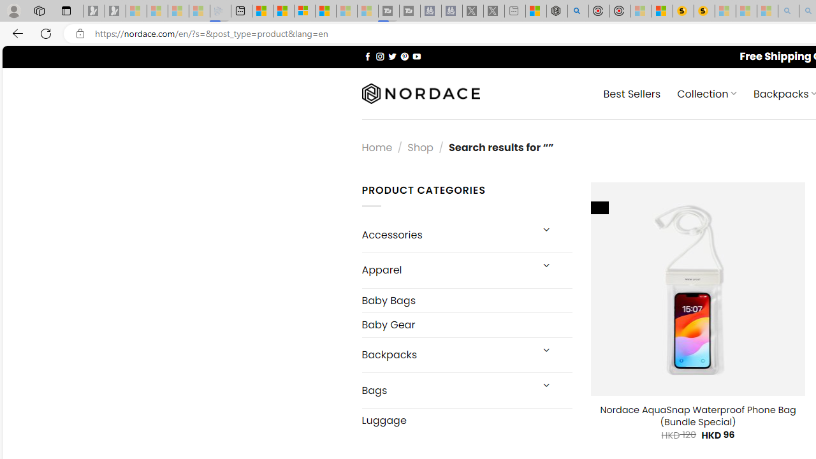 The width and height of the screenshot is (816, 459). Describe the element at coordinates (466, 420) in the screenshot. I see `'Luggage'` at that location.